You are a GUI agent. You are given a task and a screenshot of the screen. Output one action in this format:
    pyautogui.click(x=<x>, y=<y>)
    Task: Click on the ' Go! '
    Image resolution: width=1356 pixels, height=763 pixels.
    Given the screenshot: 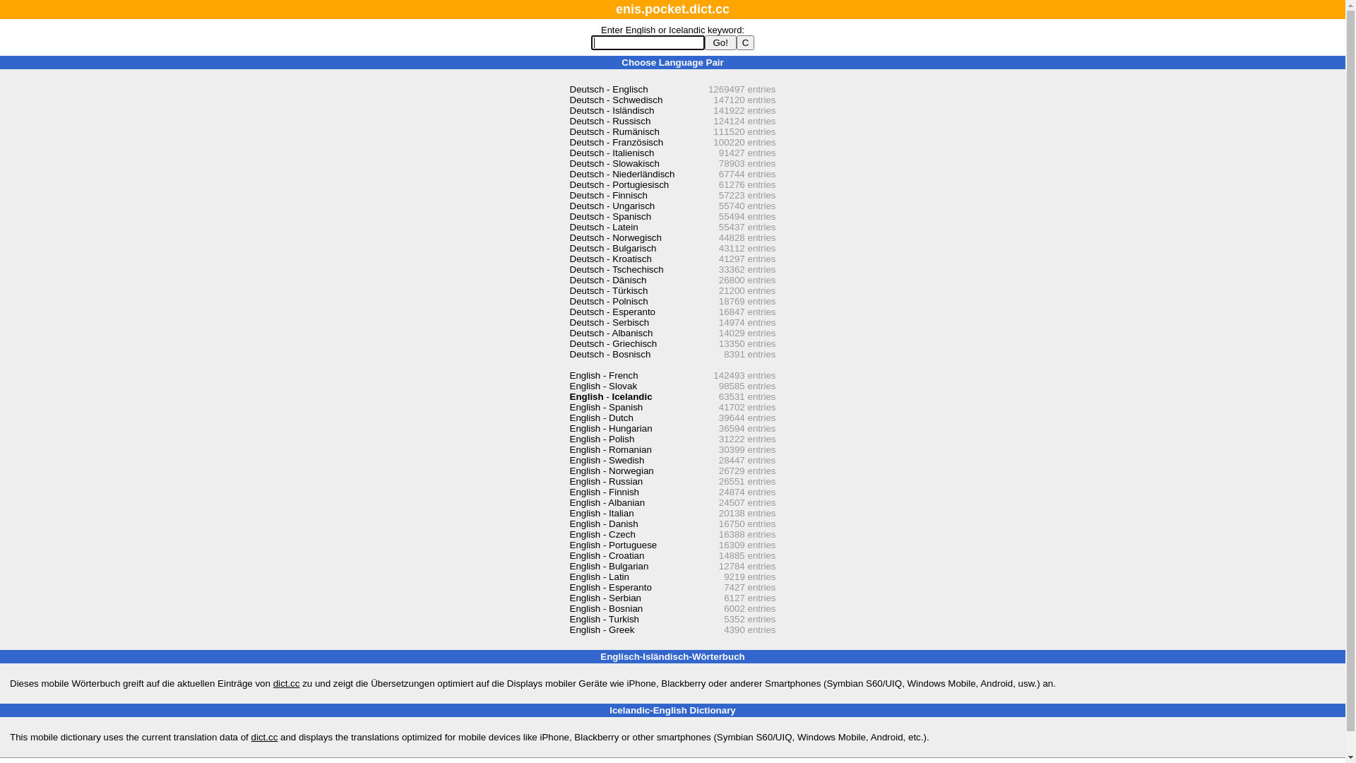 What is the action you would take?
    pyautogui.click(x=720, y=42)
    